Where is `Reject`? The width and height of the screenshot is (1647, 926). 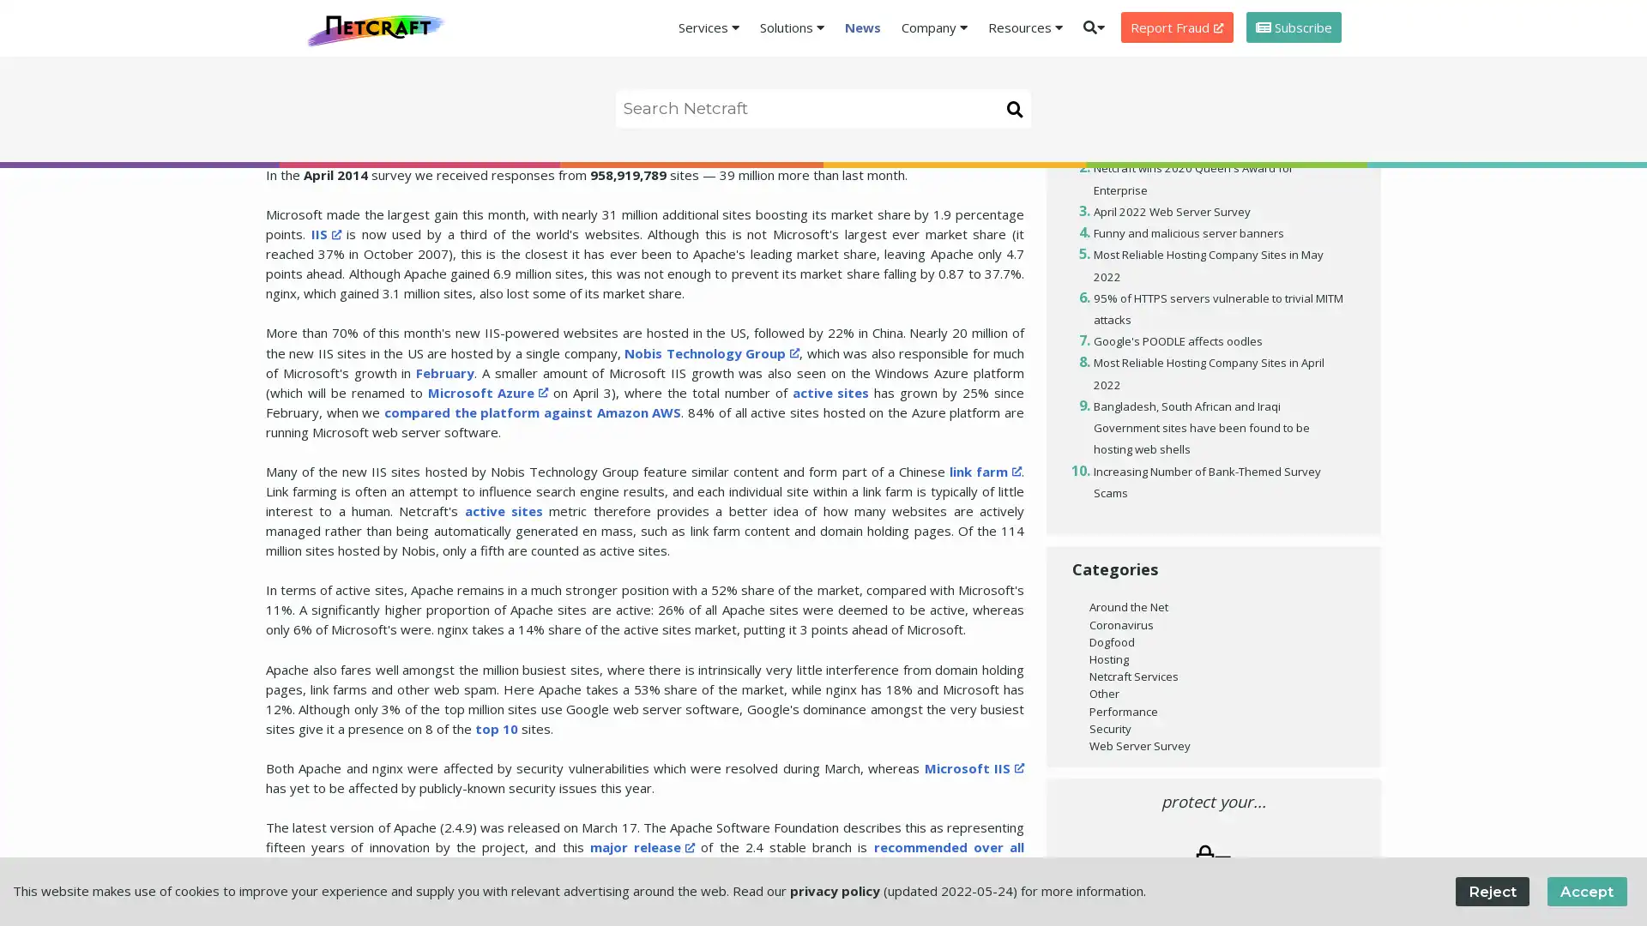 Reject is located at coordinates (1491, 890).